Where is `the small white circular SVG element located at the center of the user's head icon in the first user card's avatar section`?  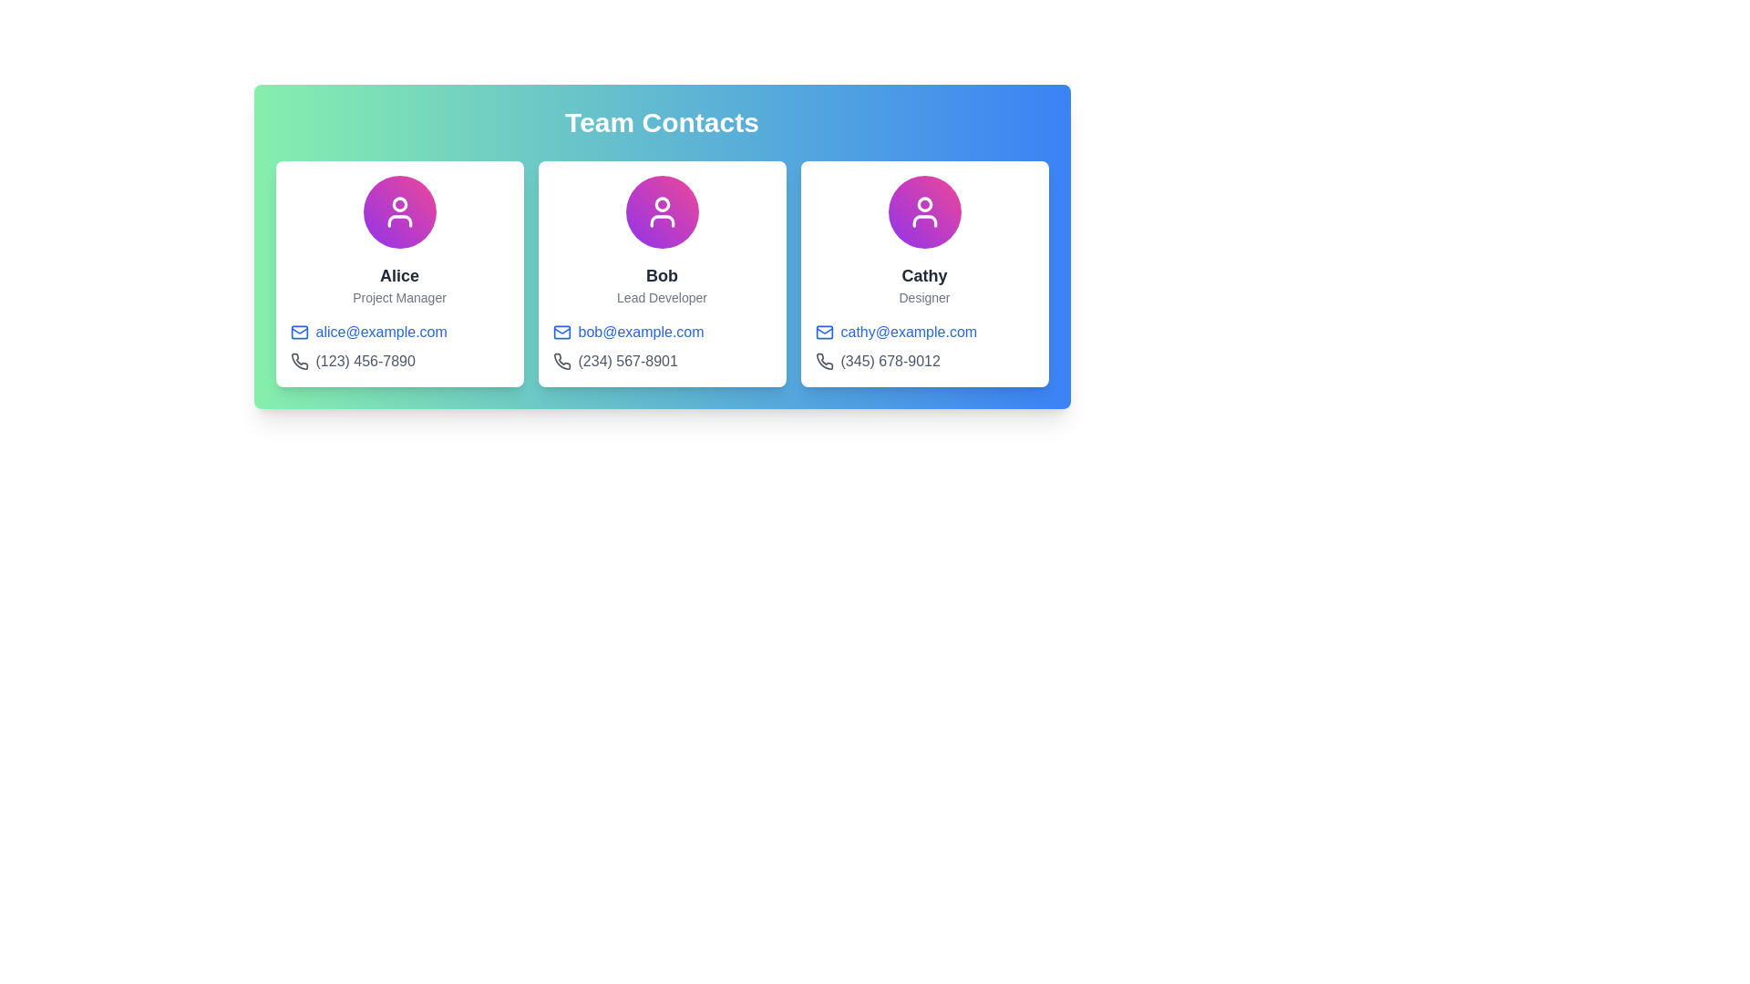
the small white circular SVG element located at the center of the user's head icon in the first user card's avatar section is located at coordinates (398, 204).